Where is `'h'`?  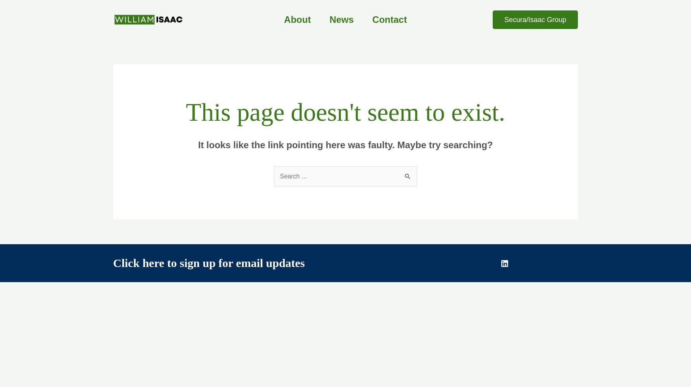
'h' is located at coordinates (141, 263).